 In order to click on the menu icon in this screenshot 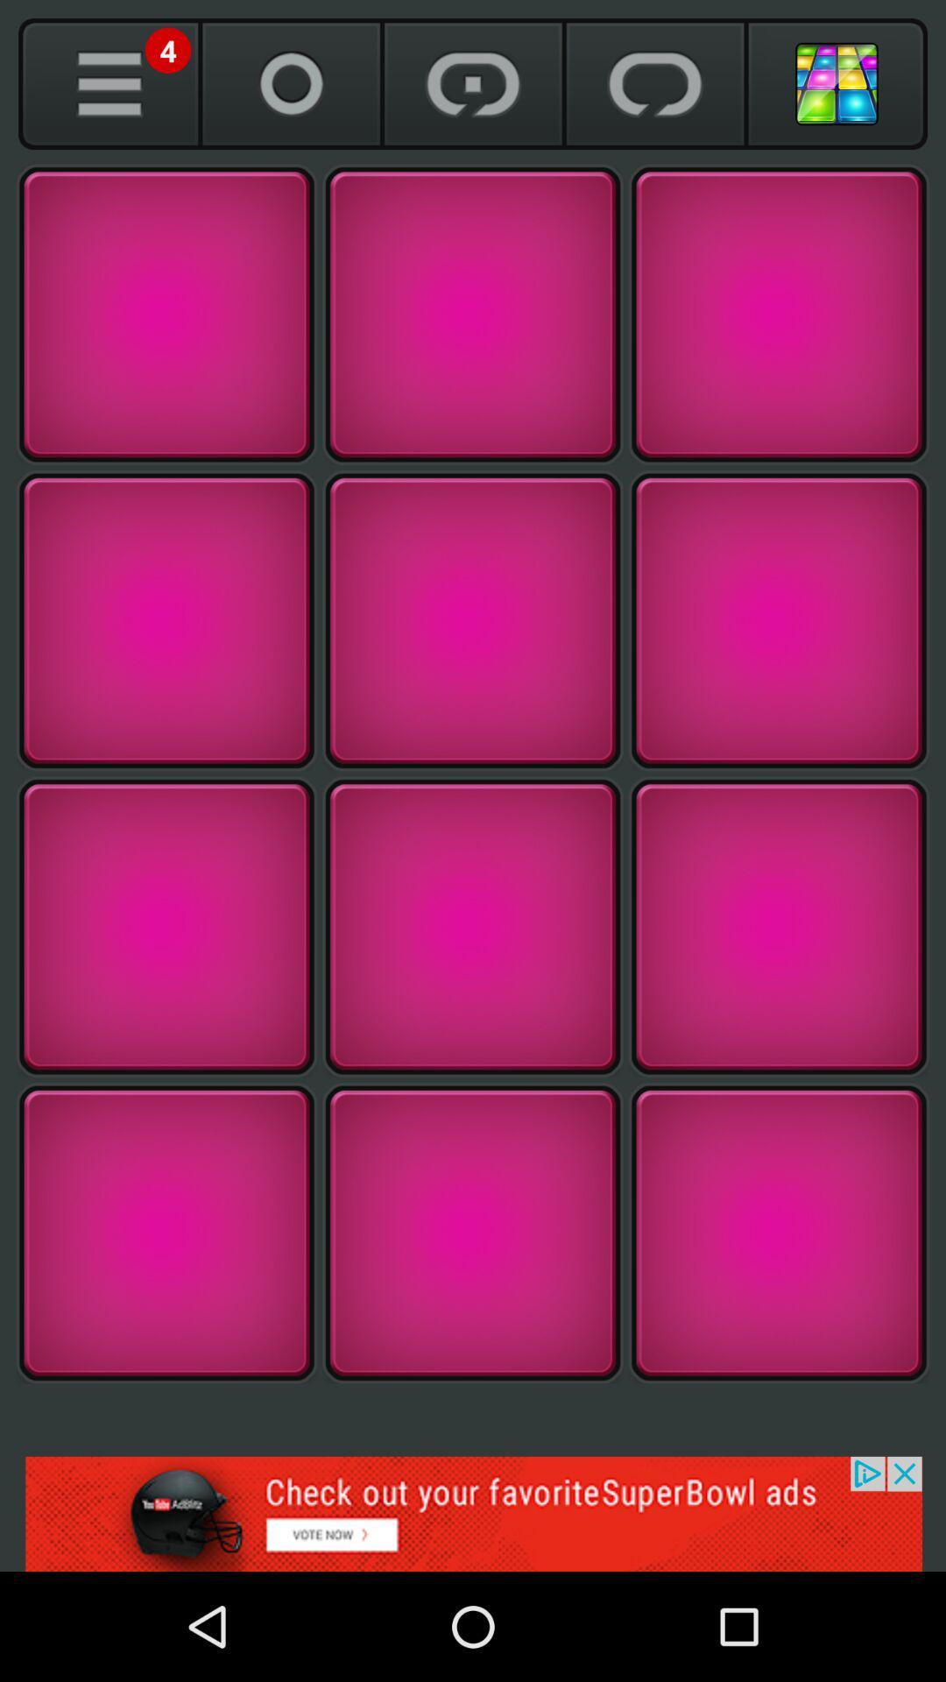, I will do `click(109, 83)`.